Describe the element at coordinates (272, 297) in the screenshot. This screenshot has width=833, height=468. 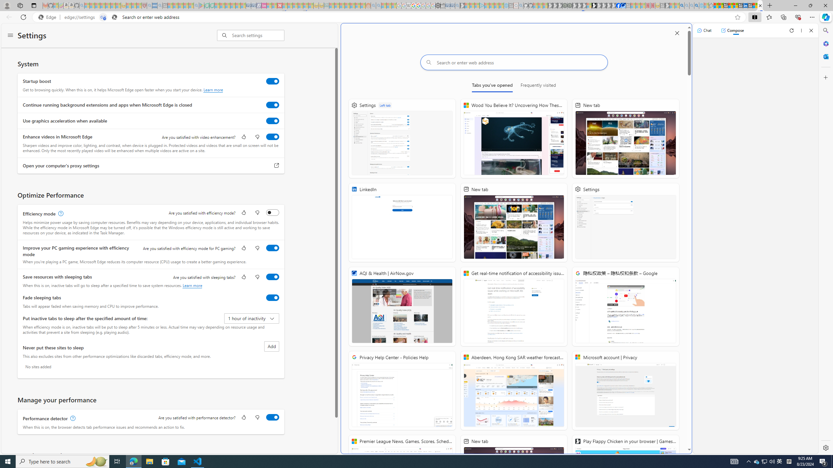
I see `'Fade sleeping tabs'` at that location.